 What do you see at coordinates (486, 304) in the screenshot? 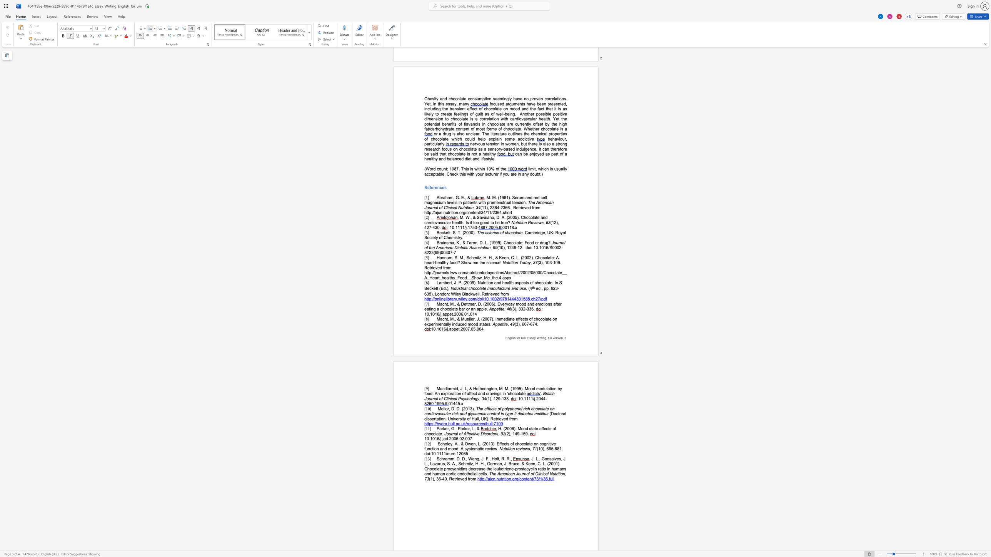
I see `the space between the continuous character "2" and "0" in the text` at bounding box center [486, 304].